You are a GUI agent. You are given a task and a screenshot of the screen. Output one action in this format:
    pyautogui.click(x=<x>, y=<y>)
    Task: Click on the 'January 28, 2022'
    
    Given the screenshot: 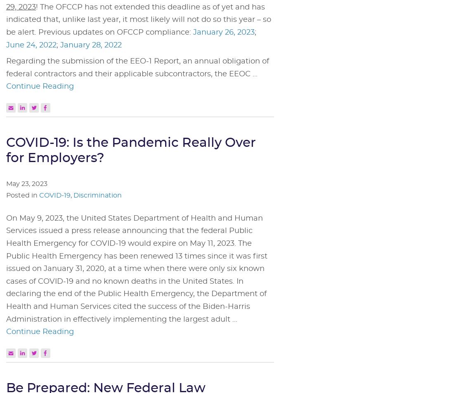 What is the action you would take?
    pyautogui.click(x=91, y=45)
    